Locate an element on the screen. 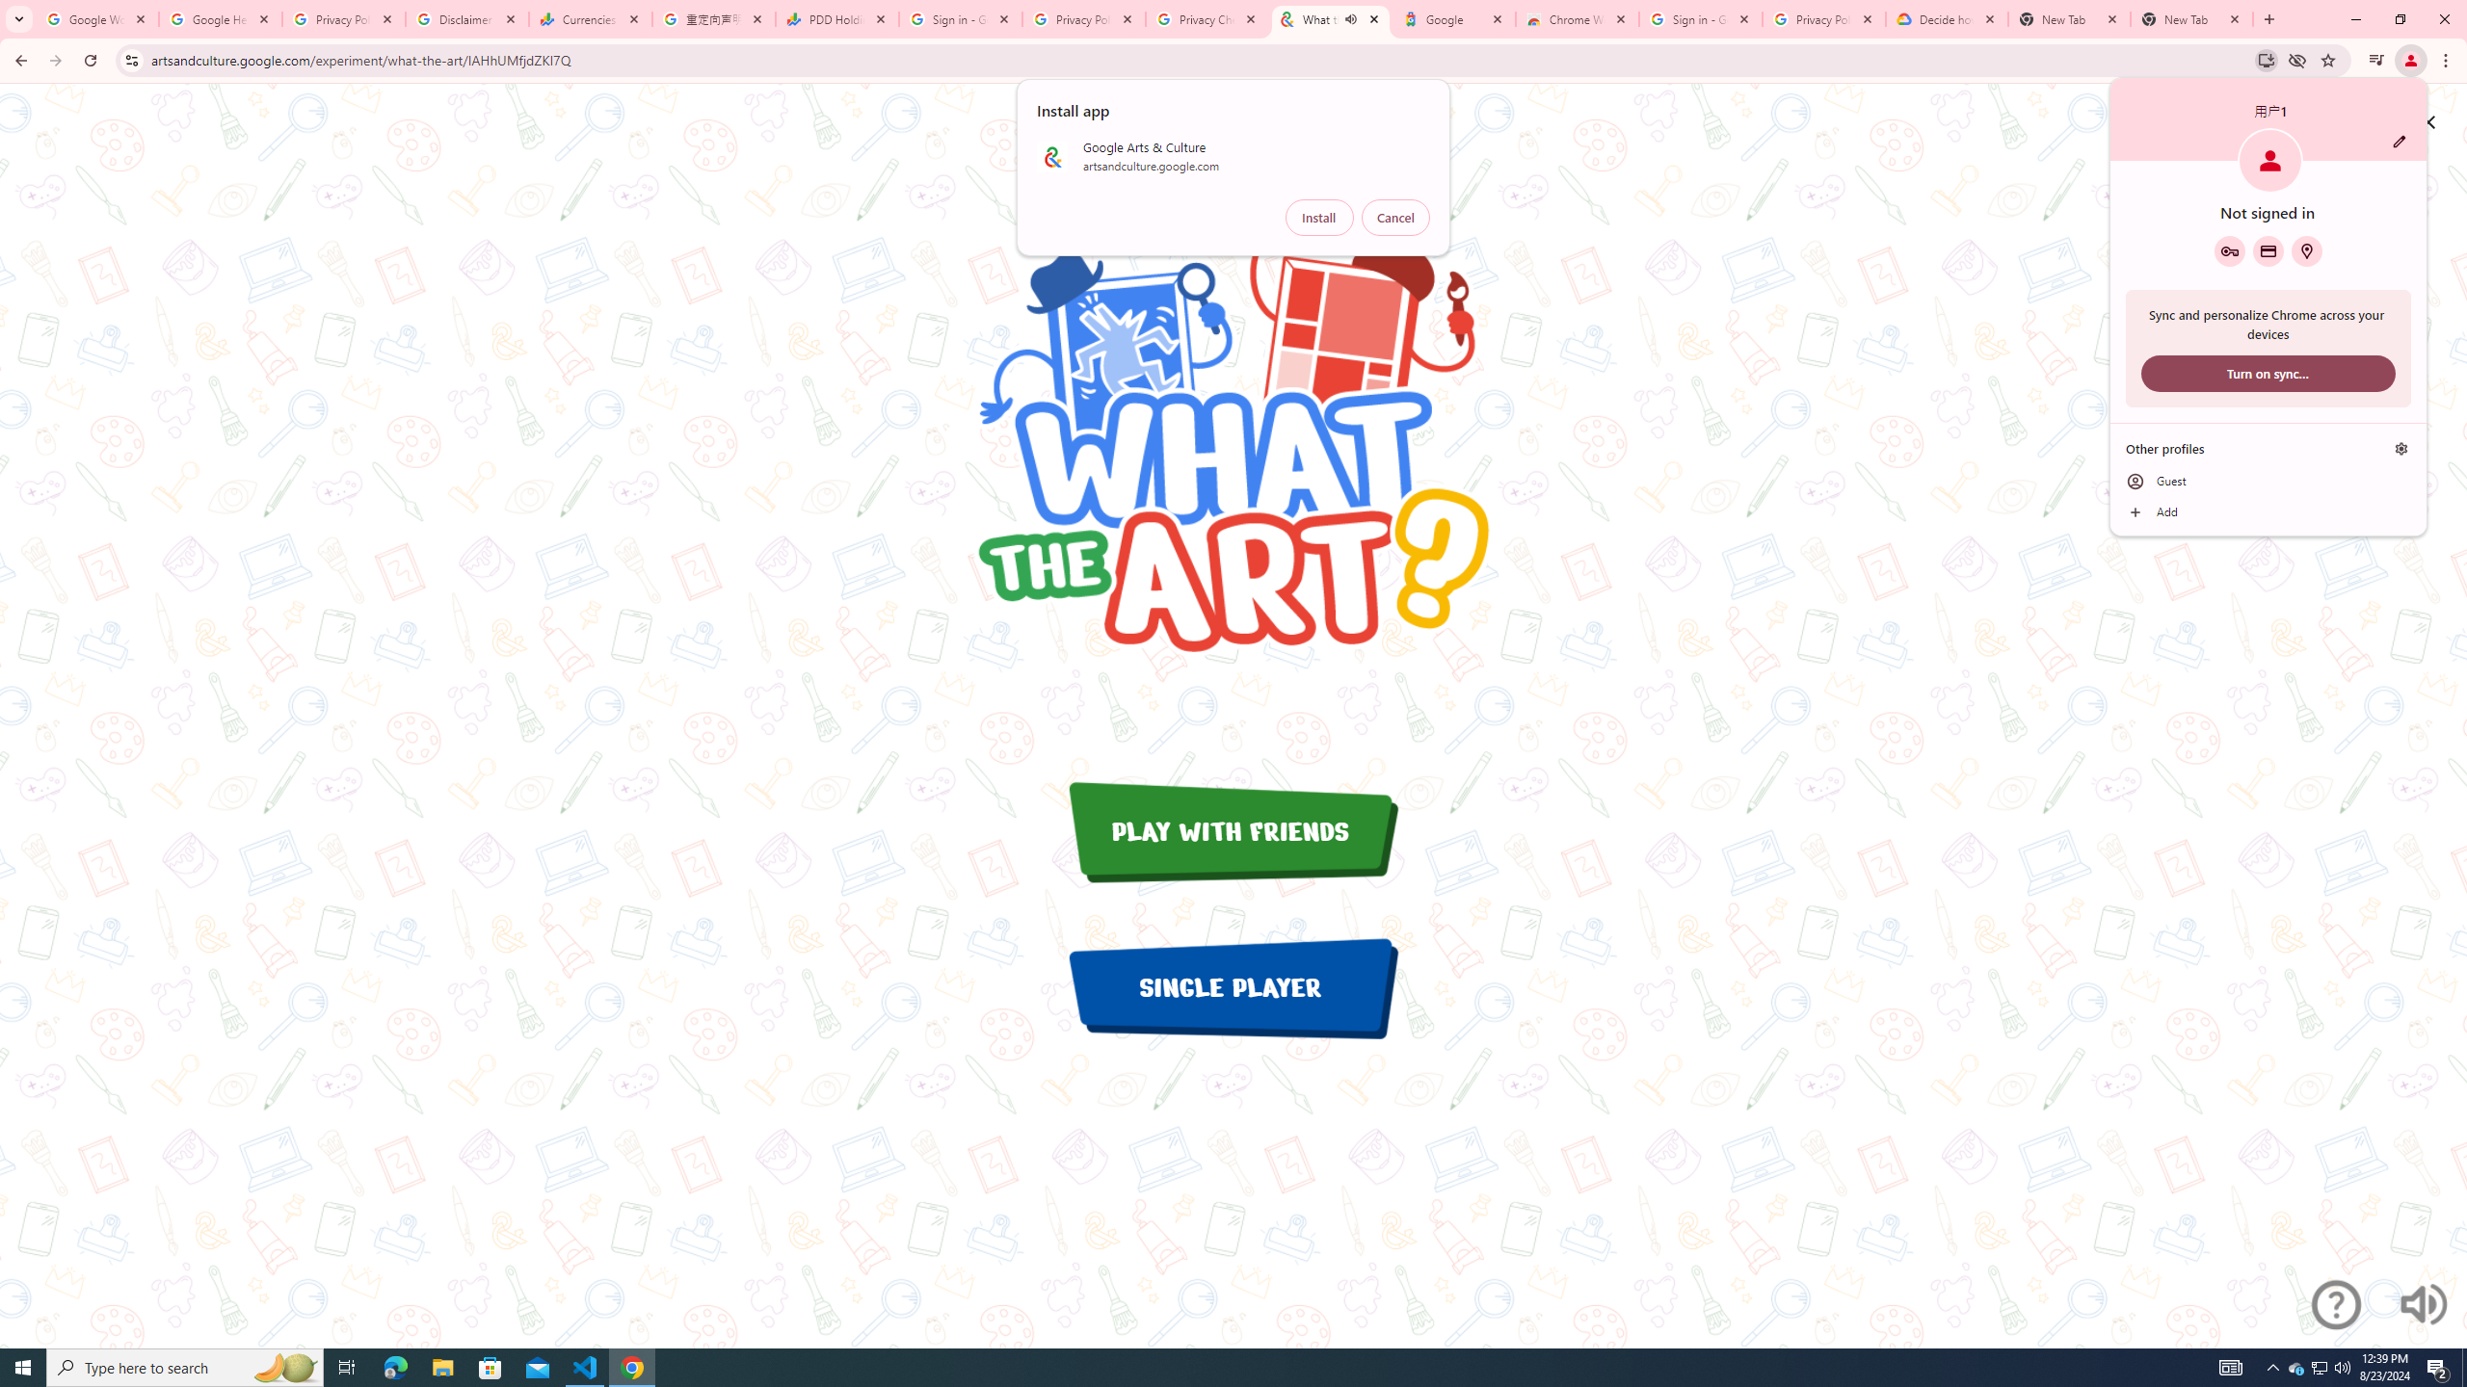  'Q2790: 100%' is located at coordinates (2319, 1366).